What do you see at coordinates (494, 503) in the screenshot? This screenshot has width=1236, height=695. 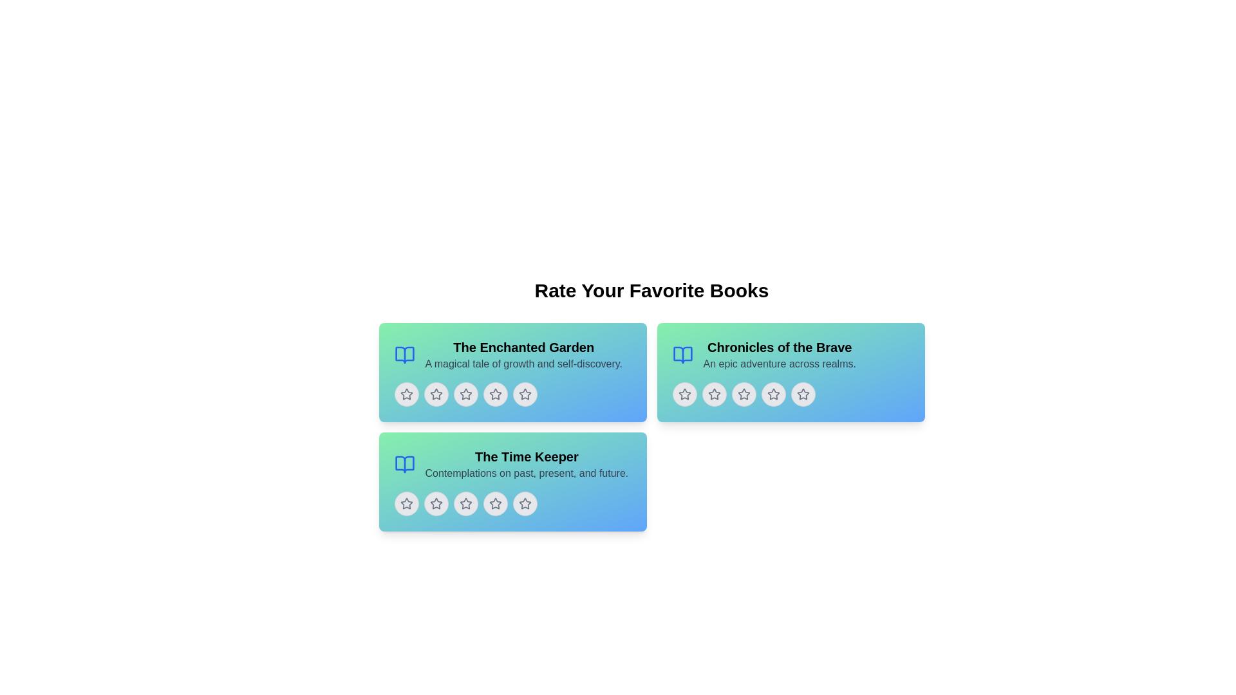 I see `the fourth star icon in the rating section of 'The Time Keeper' book card to set a rating of four stars` at bounding box center [494, 503].